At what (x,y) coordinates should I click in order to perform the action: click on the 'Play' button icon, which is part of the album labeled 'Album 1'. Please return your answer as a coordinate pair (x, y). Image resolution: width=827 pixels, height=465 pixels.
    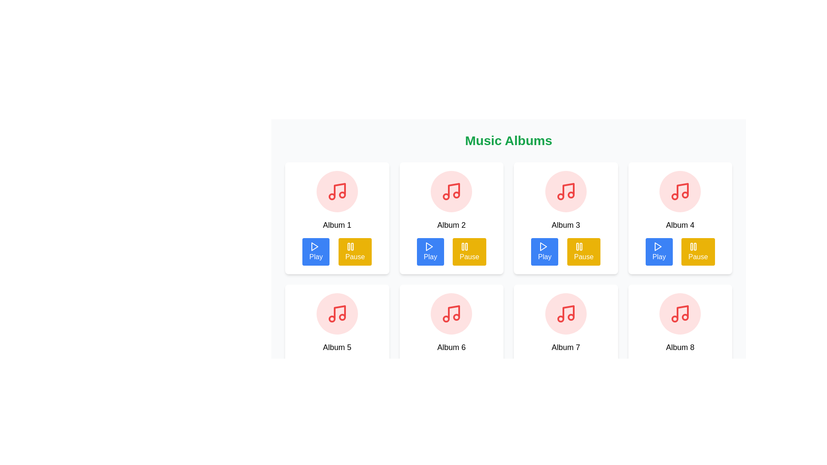
    Looking at the image, I should click on (314, 247).